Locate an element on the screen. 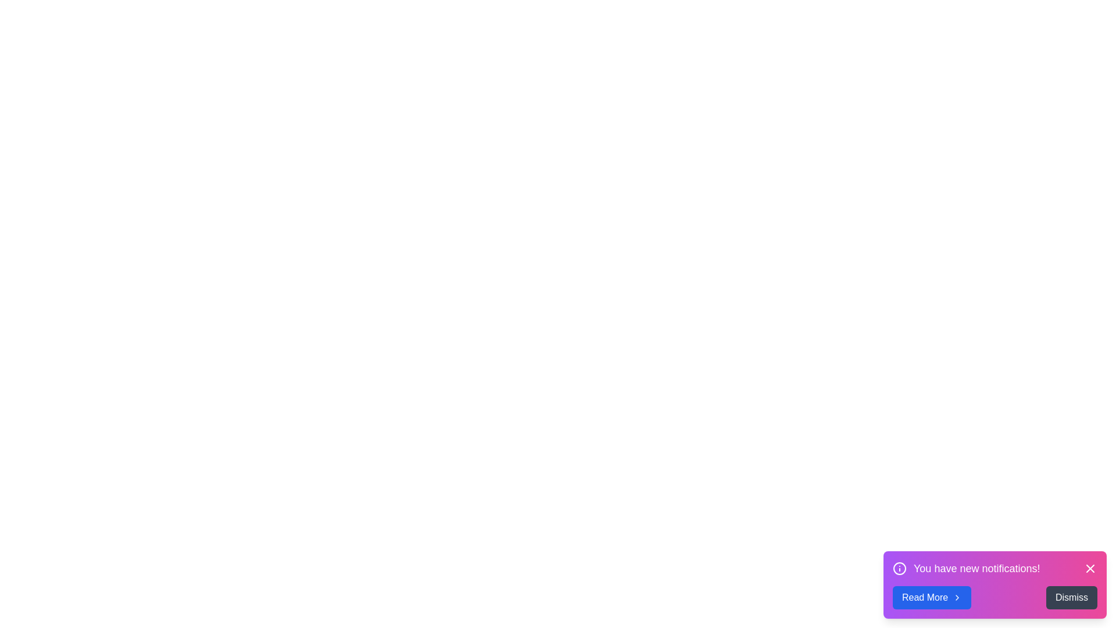 The image size is (1116, 628). the 'Dismiss' button located at the bottom-right corner of the notification area is located at coordinates (1071, 598).